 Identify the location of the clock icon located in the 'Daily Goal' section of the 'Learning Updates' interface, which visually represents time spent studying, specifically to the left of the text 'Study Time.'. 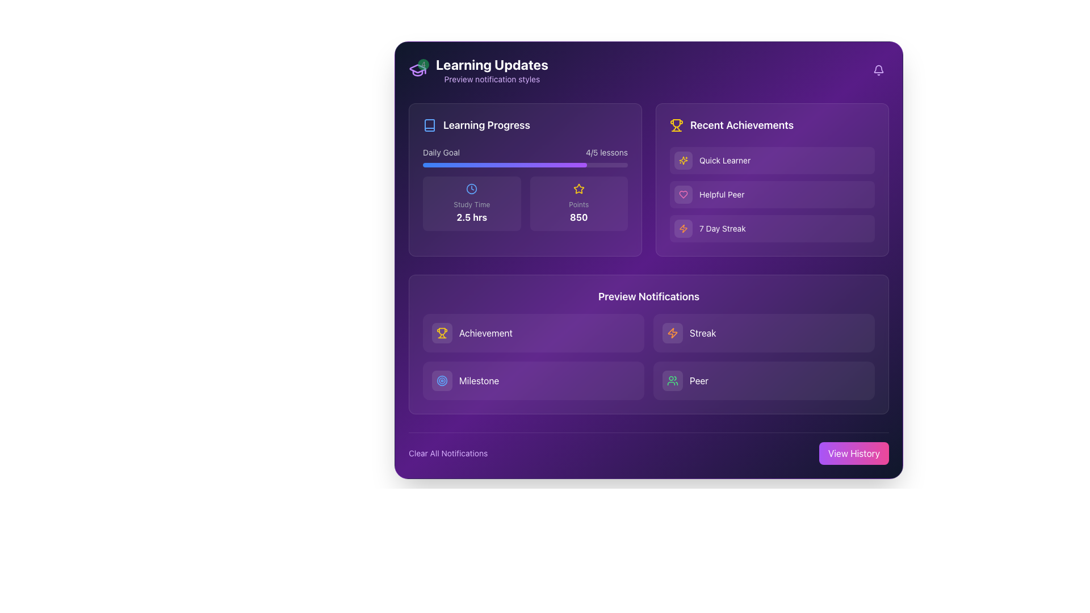
(472, 188).